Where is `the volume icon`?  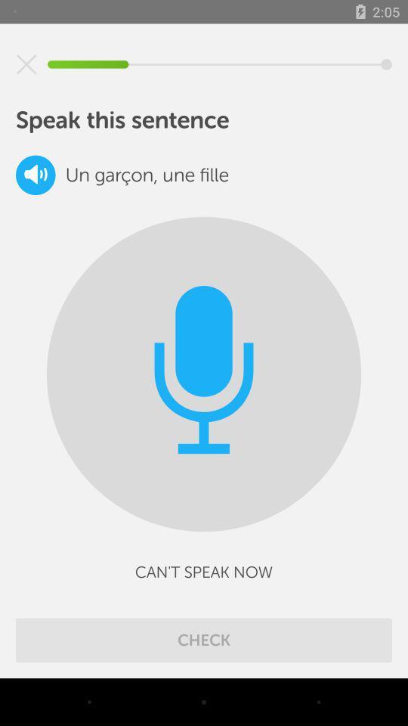
the volume icon is located at coordinates (36, 175).